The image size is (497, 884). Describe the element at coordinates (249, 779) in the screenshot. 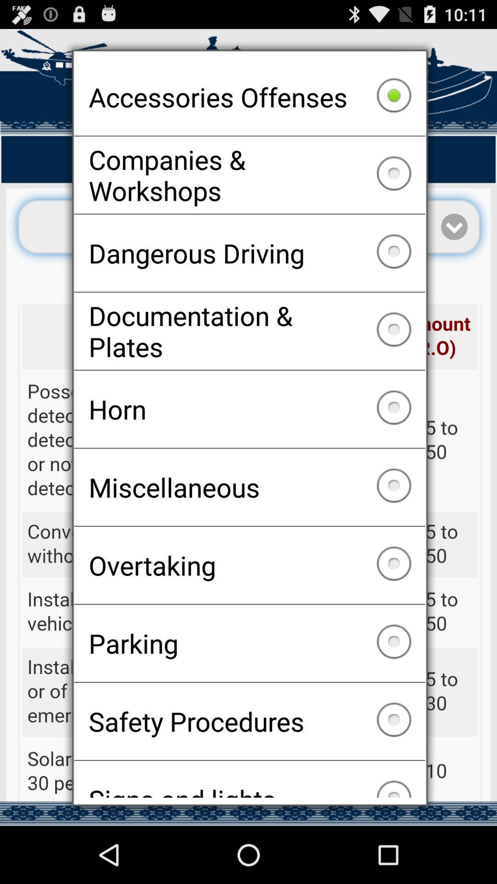

I see `the checkbox below safety procedures icon` at that location.